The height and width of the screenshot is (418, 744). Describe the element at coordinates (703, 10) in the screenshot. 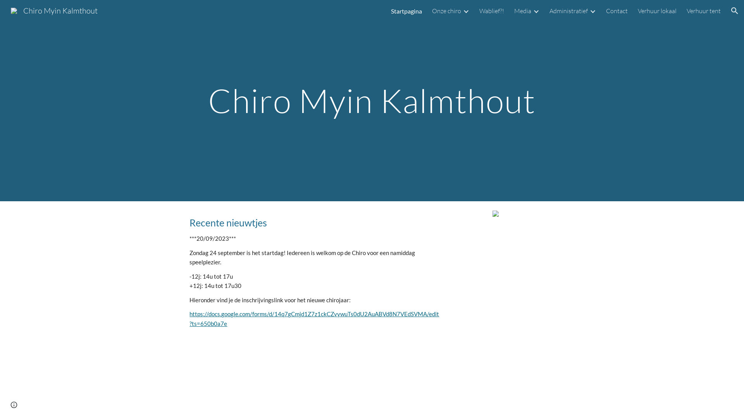

I see `'Verhuur tent'` at that location.